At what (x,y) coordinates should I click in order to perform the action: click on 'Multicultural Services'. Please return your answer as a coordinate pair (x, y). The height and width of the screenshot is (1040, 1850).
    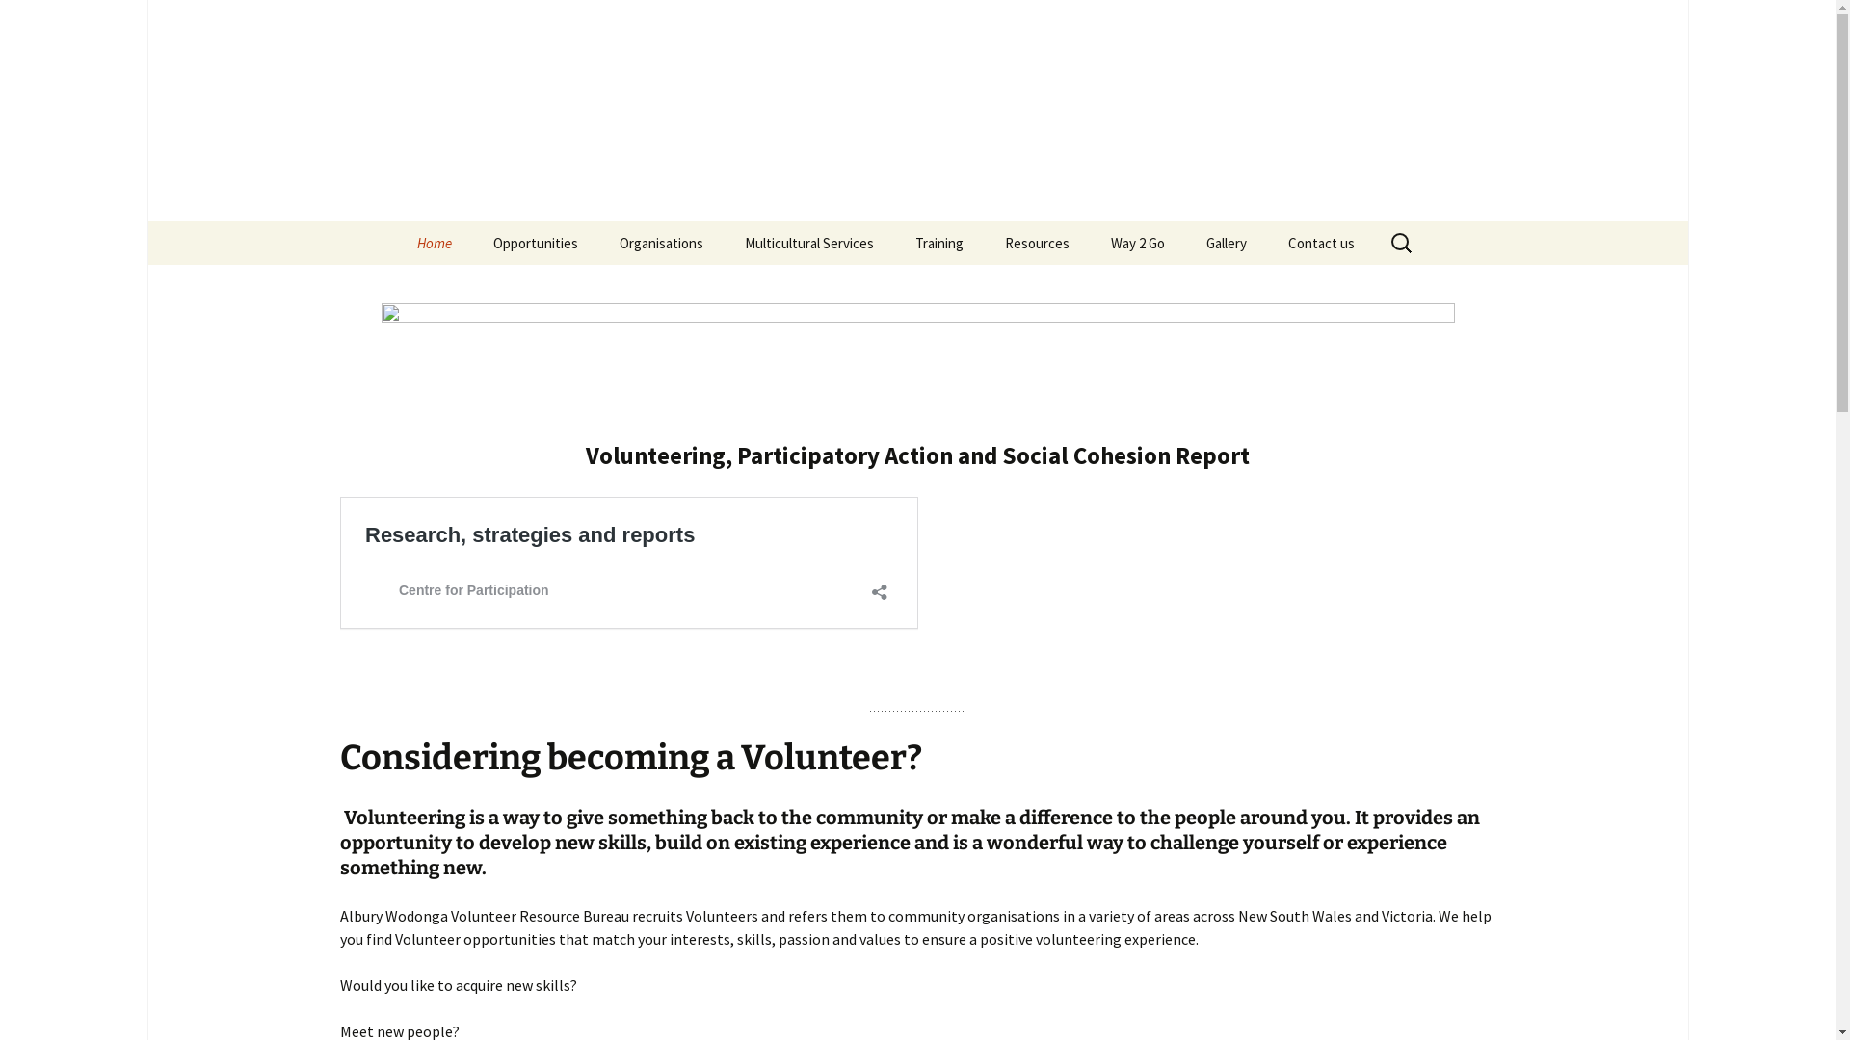
    Looking at the image, I should click on (808, 242).